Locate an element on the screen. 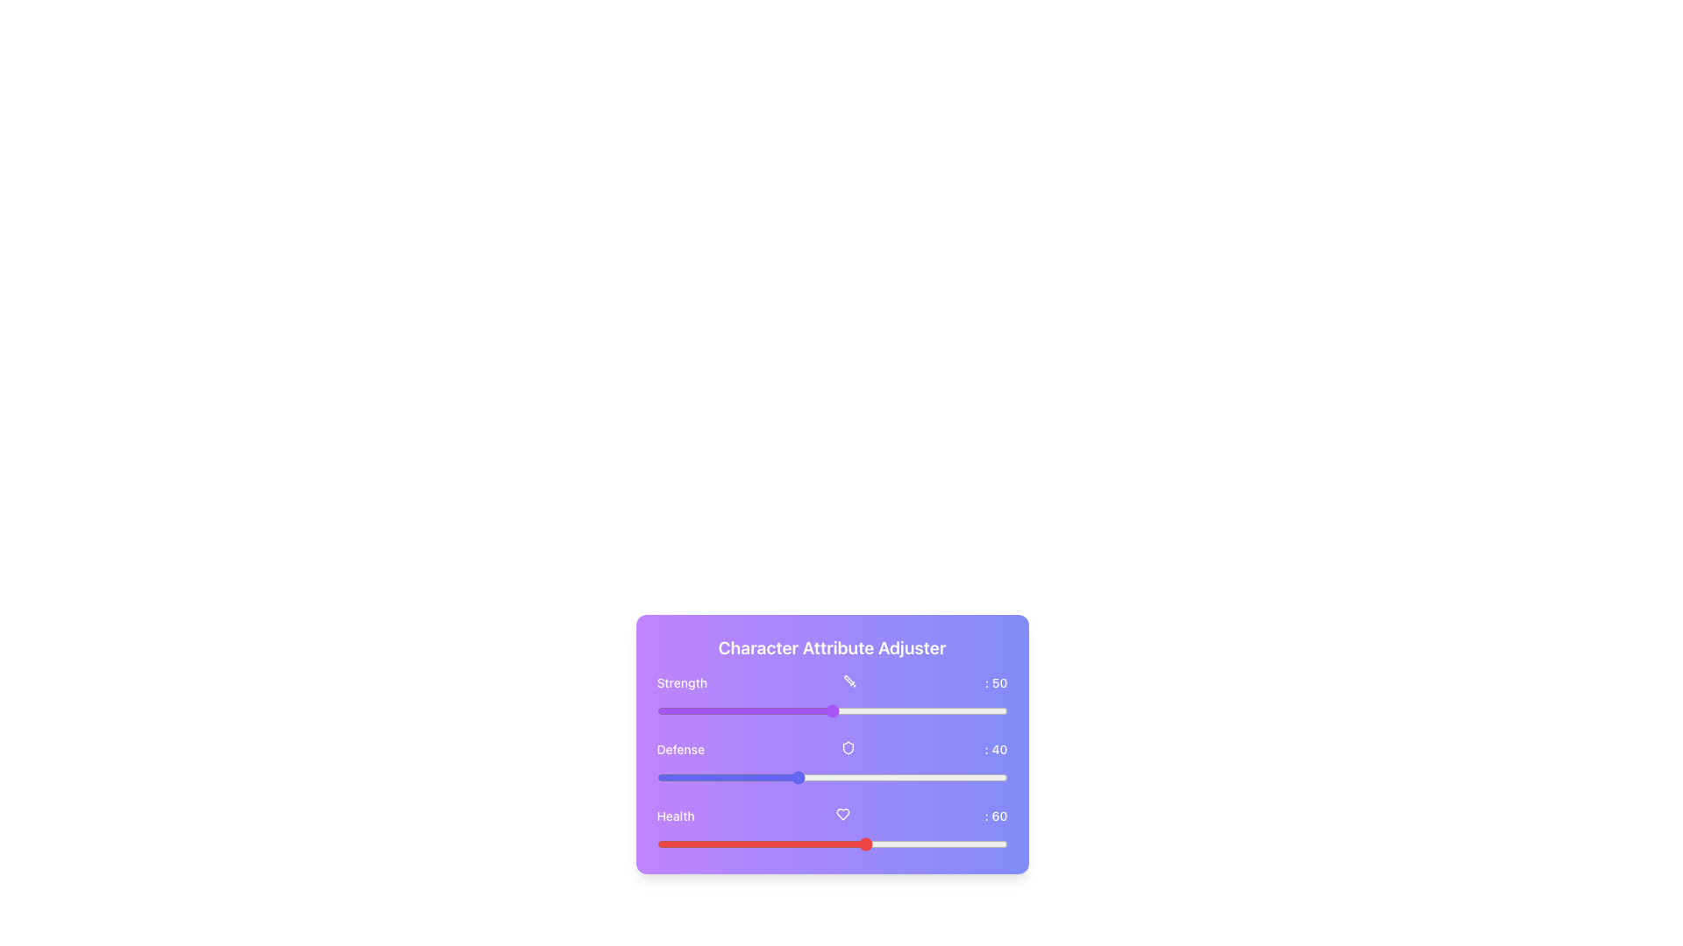 This screenshot has width=1683, height=946. the Strength attribute is located at coordinates (884, 711).